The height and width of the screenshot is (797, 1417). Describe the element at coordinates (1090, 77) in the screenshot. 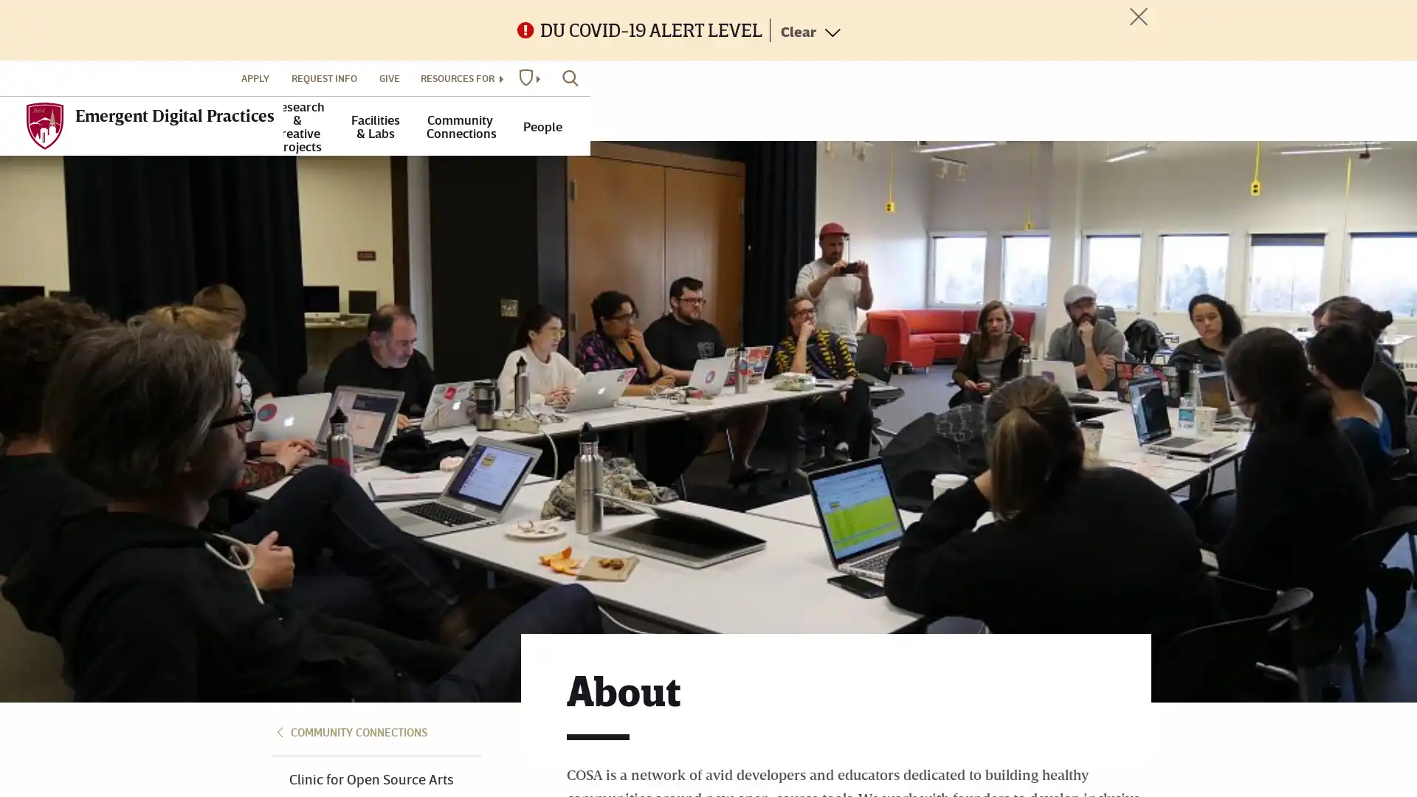

I see `DU WEBSITES` at that location.